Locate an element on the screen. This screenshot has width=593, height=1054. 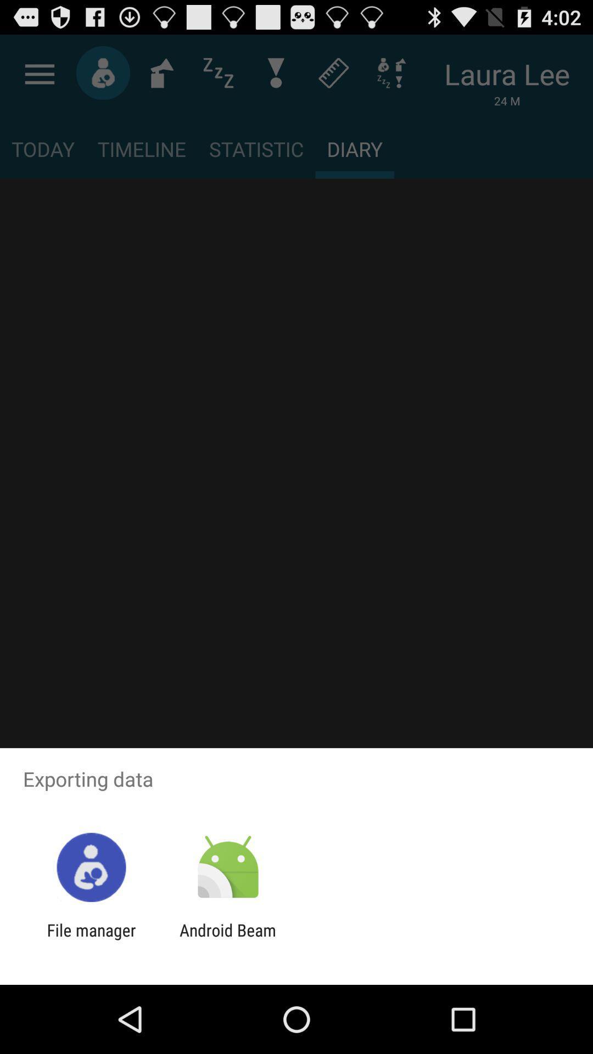
icon to the right of the file manager app is located at coordinates (227, 939).